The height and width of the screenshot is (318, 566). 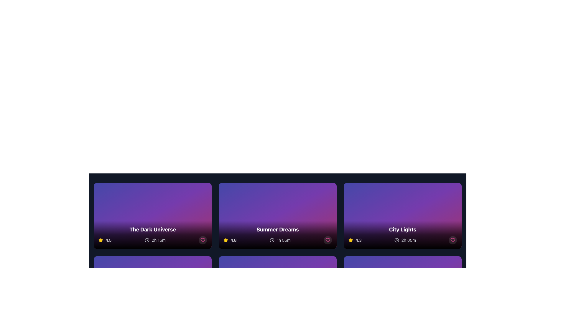 I want to click on rating score text located just right of the yellow star icon in the bottom-left corner of the card titled 'The Dark Universe', so click(x=108, y=240).